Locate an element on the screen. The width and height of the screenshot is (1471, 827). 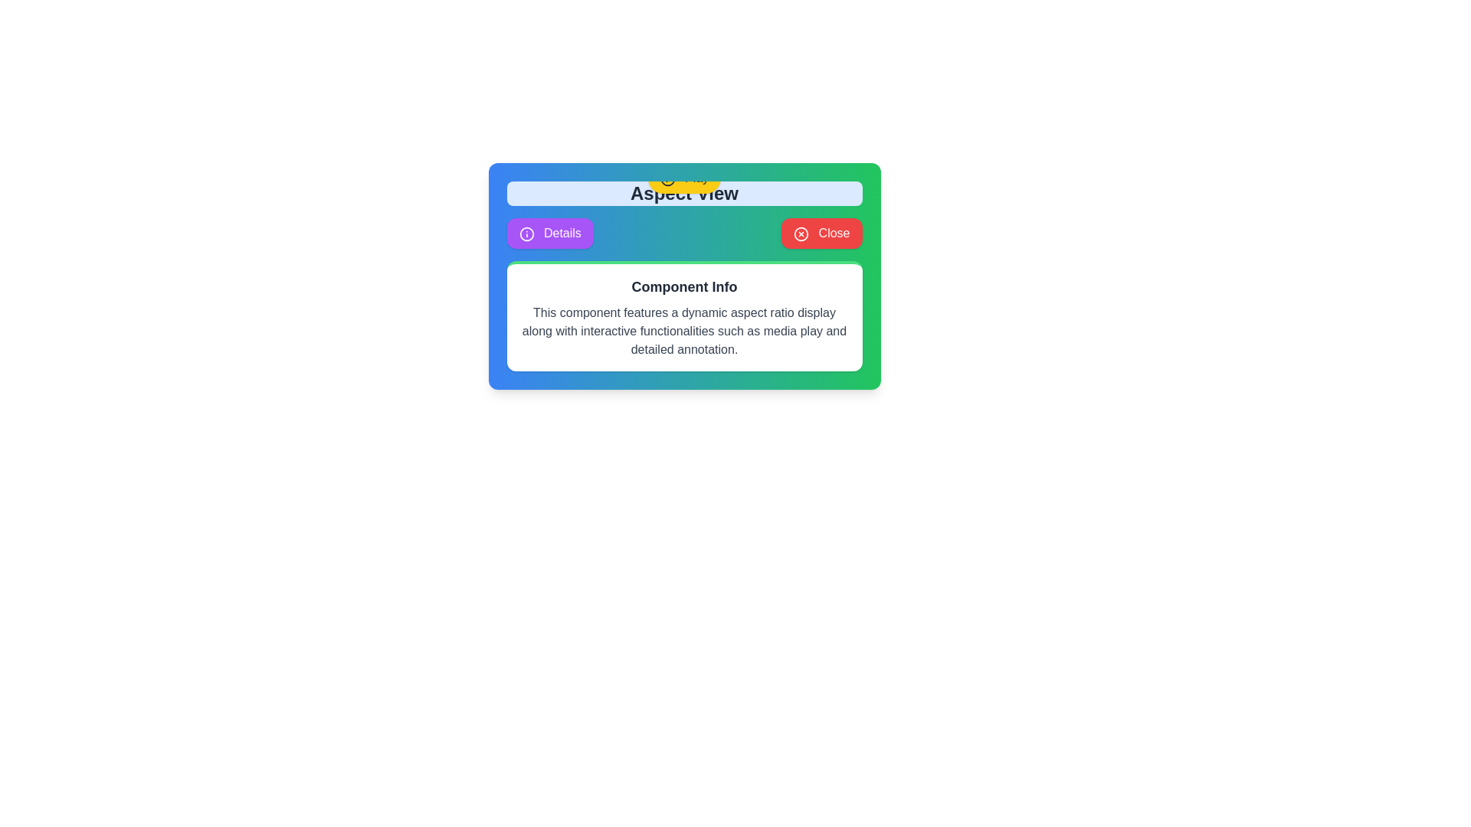
the button located on the left side of a horizontal layout, which provides additional information when clicked is located at coordinates (550, 233).